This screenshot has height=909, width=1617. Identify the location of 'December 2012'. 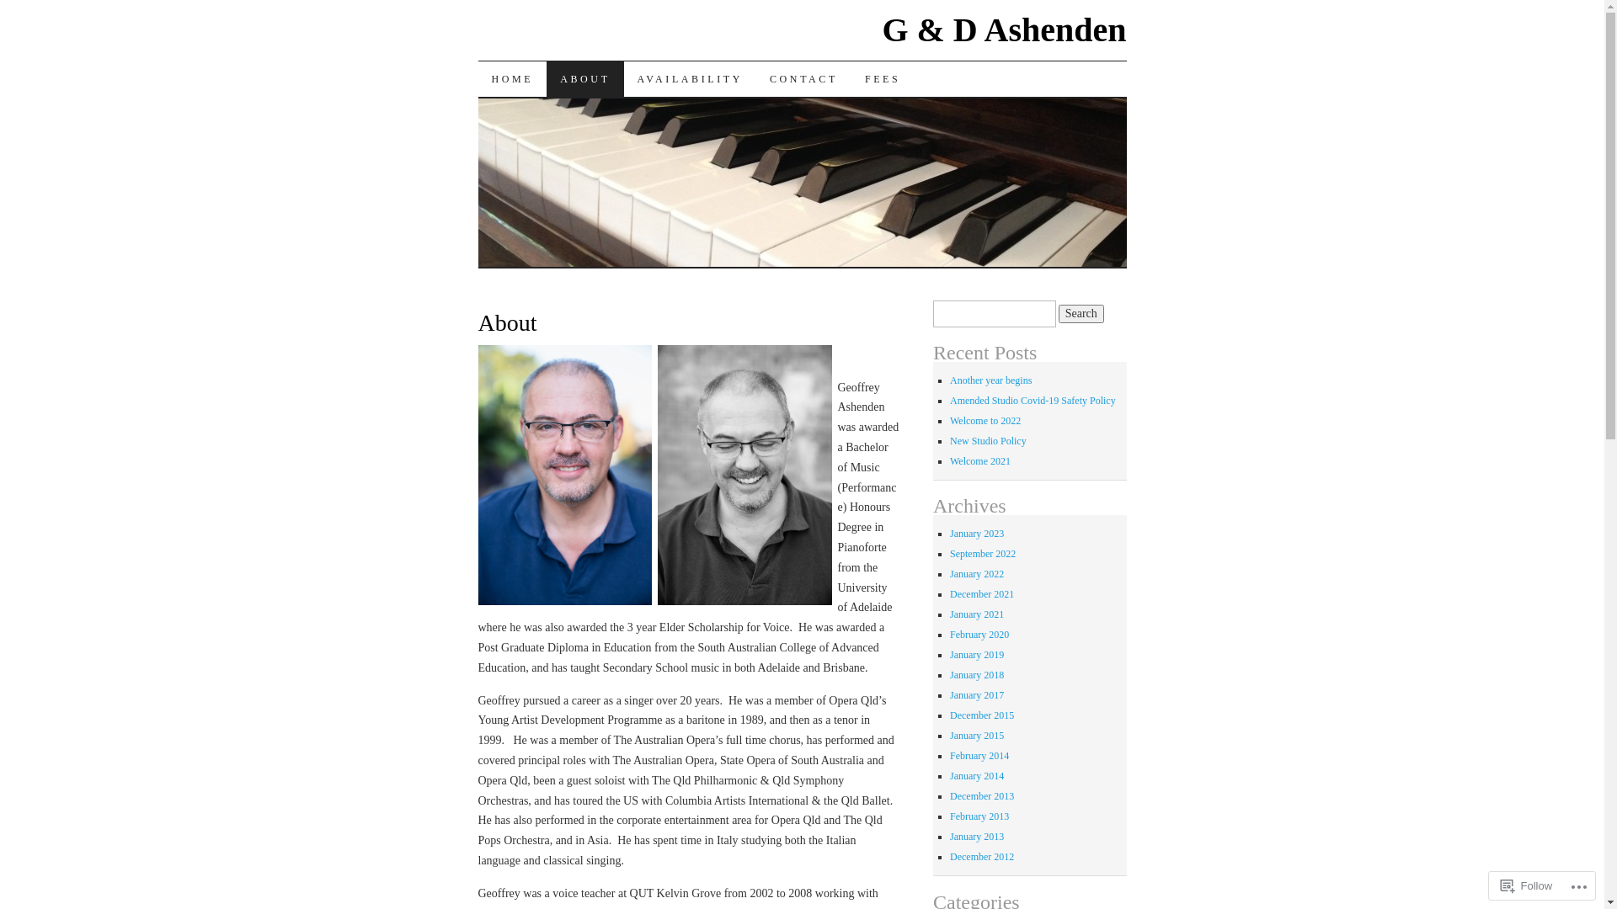
(982, 857).